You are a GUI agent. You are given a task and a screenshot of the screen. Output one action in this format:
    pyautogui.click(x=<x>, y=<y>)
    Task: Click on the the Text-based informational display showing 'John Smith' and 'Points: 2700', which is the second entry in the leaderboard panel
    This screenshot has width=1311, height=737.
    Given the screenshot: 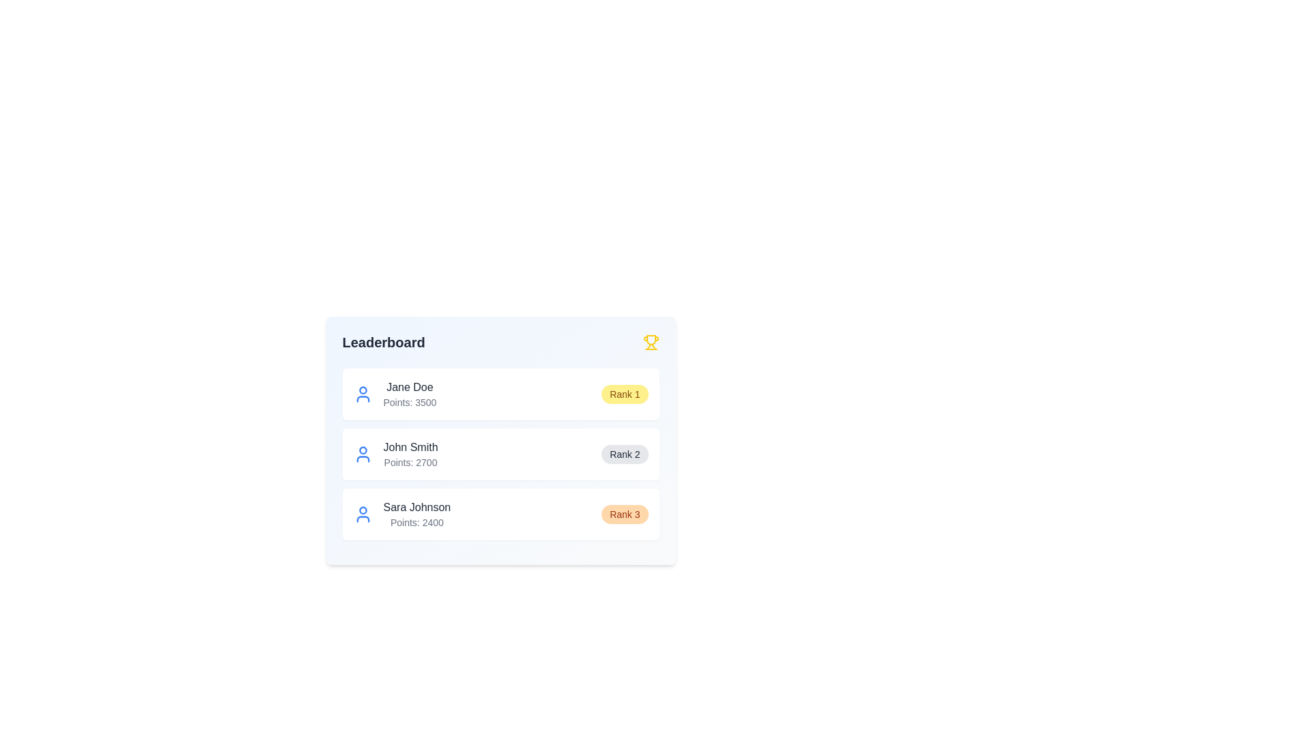 What is the action you would take?
    pyautogui.click(x=410, y=454)
    